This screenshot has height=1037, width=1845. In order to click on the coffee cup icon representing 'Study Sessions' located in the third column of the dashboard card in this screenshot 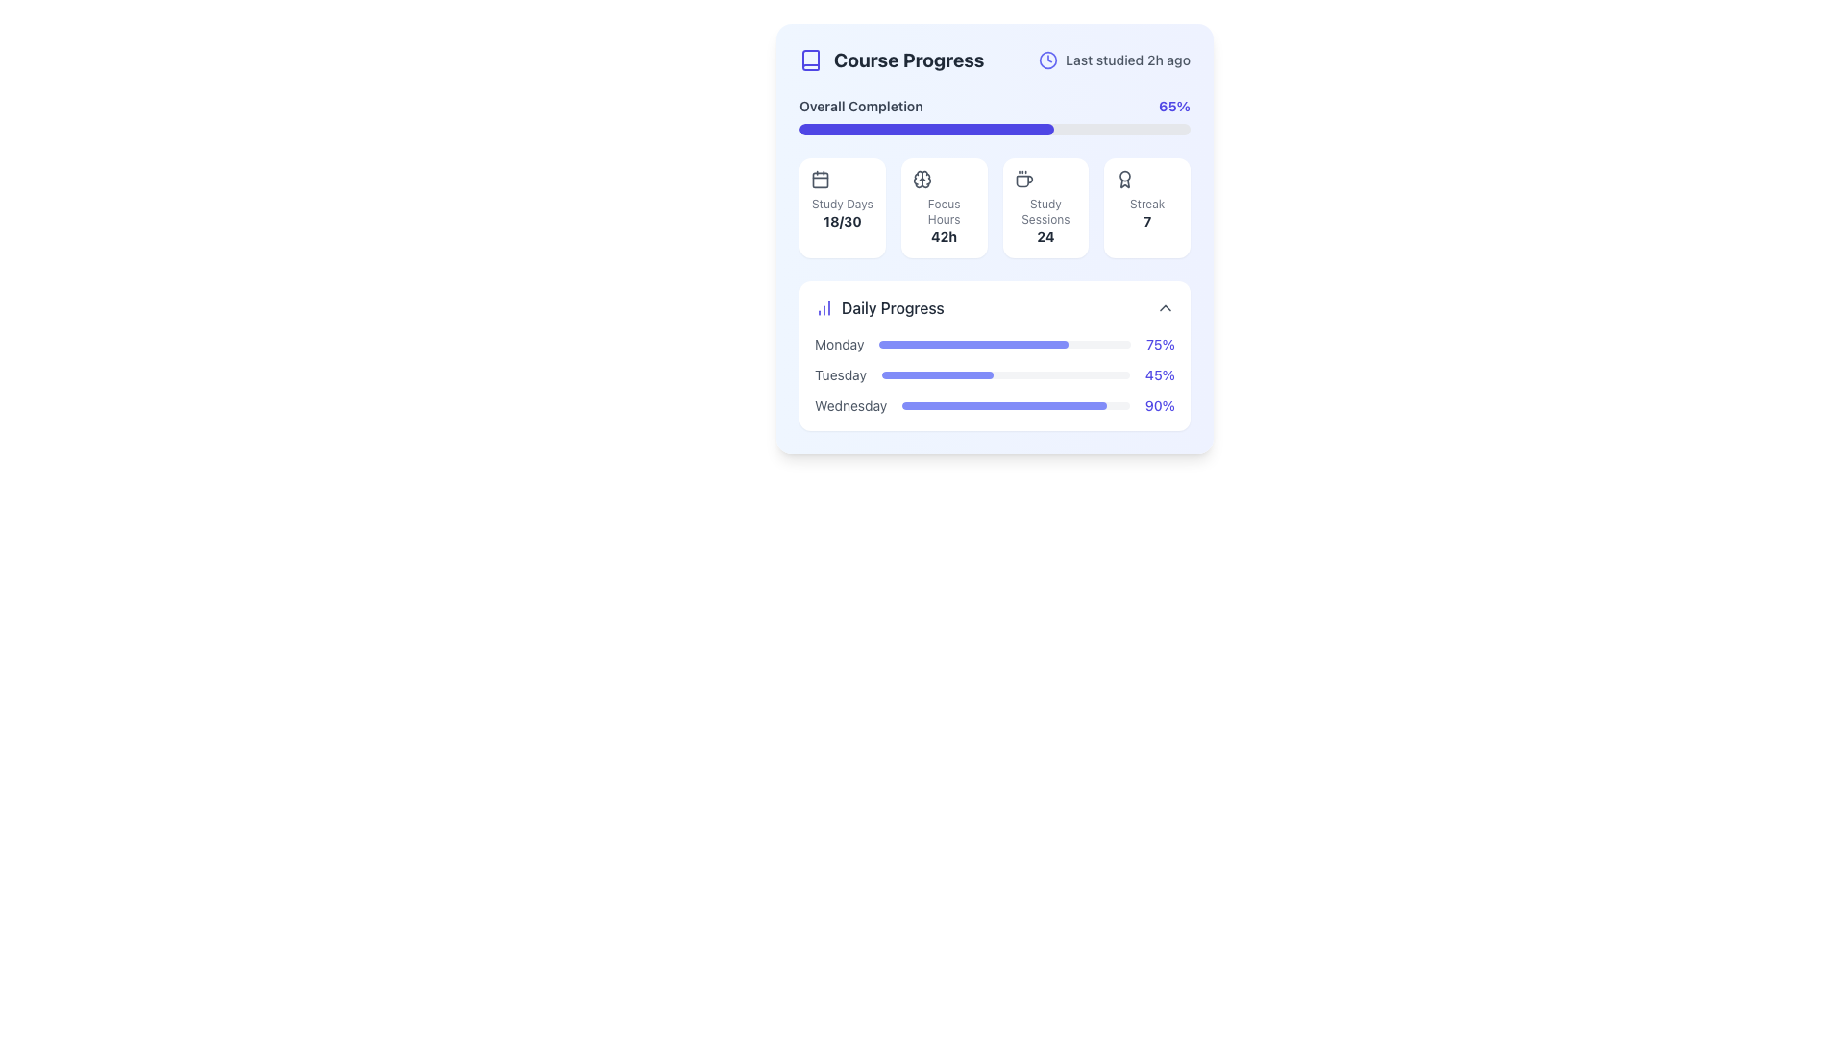, I will do `click(1022, 179)`.